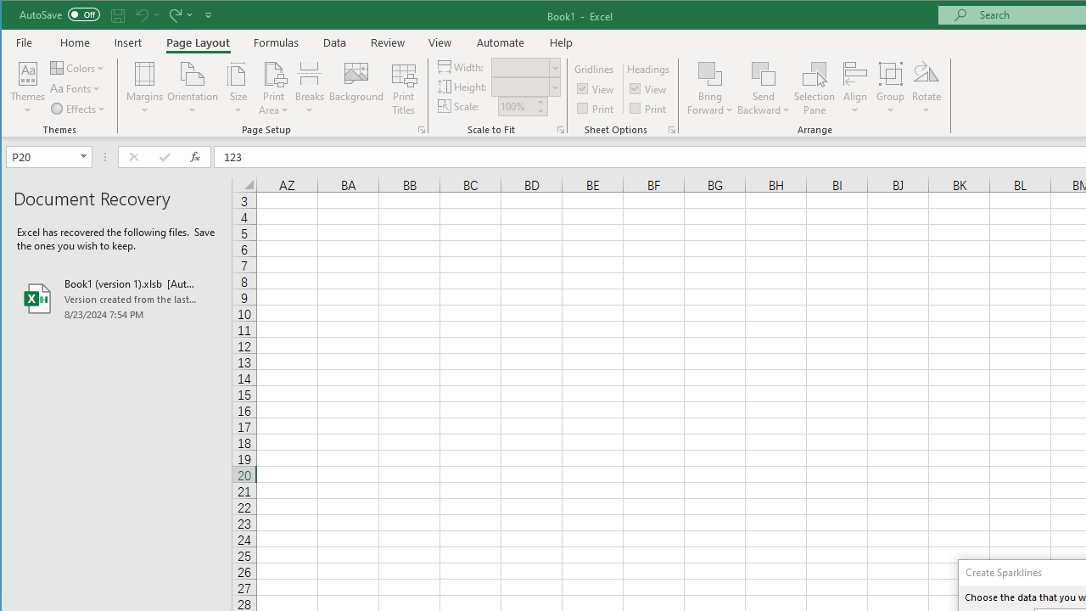  What do you see at coordinates (710, 88) in the screenshot?
I see `'Bring Forward'` at bounding box center [710, 88].